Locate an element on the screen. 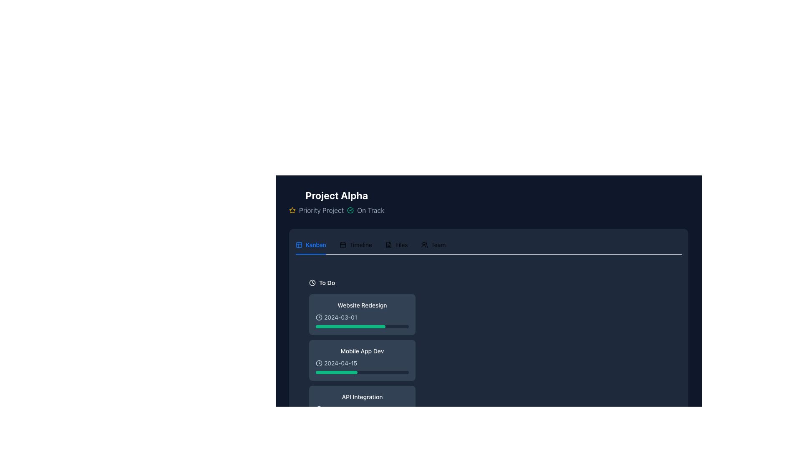 Image resolution: width=801 pixels, height=450 pixels. the decorative circle element of the clock icon located in the 'To Do' section, which visually represents time-related data near the date '2024-03-01' is located at coordinates (318, 317).